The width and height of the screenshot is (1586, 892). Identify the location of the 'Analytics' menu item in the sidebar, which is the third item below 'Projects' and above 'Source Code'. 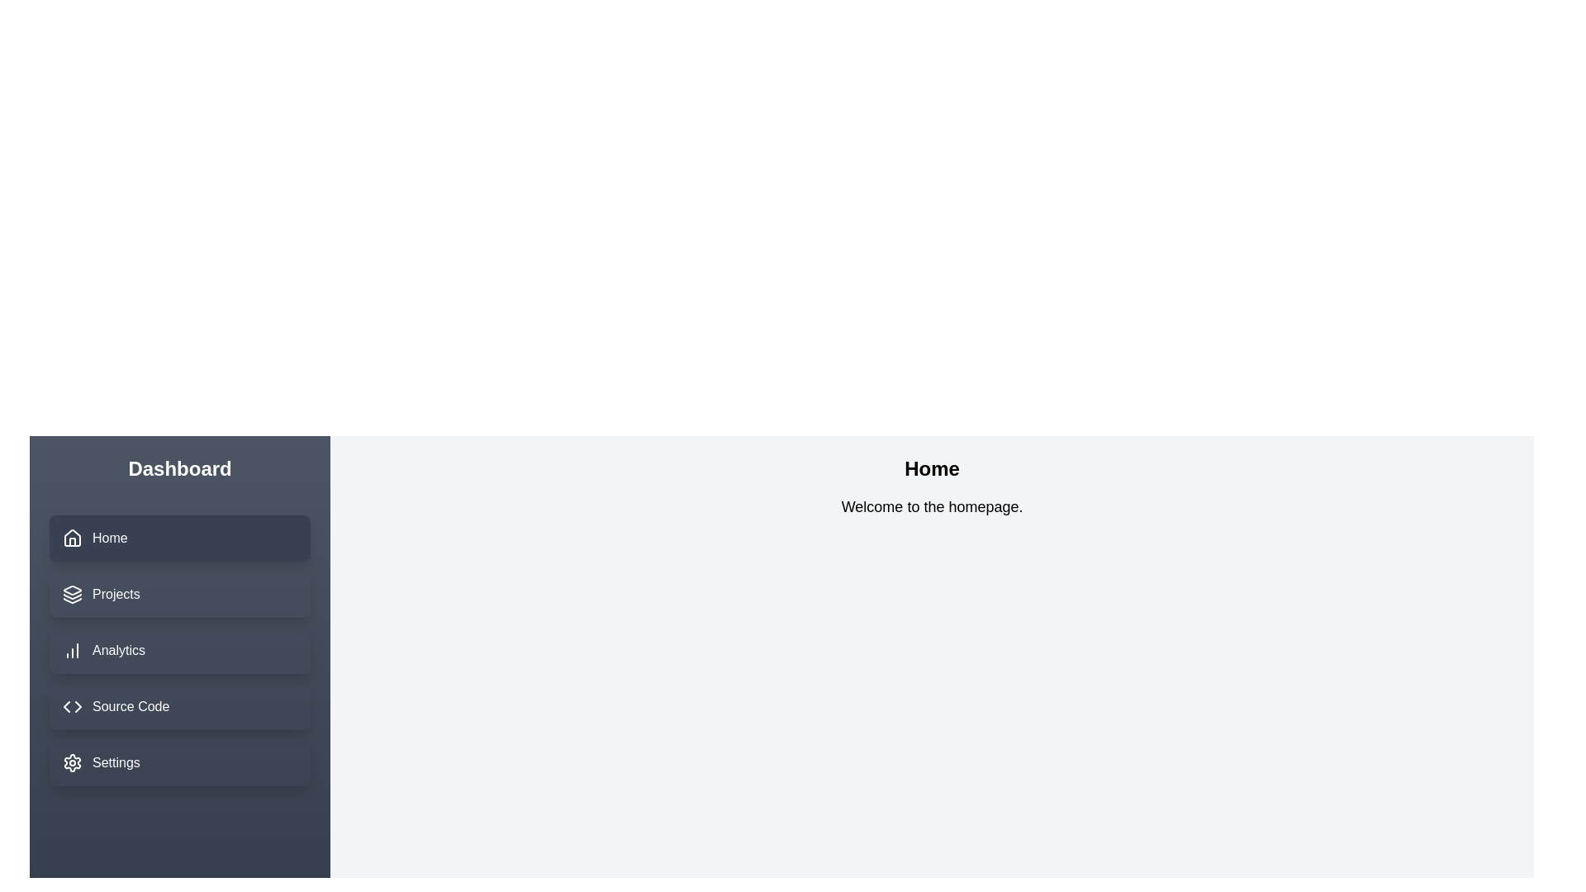
(180, 649).